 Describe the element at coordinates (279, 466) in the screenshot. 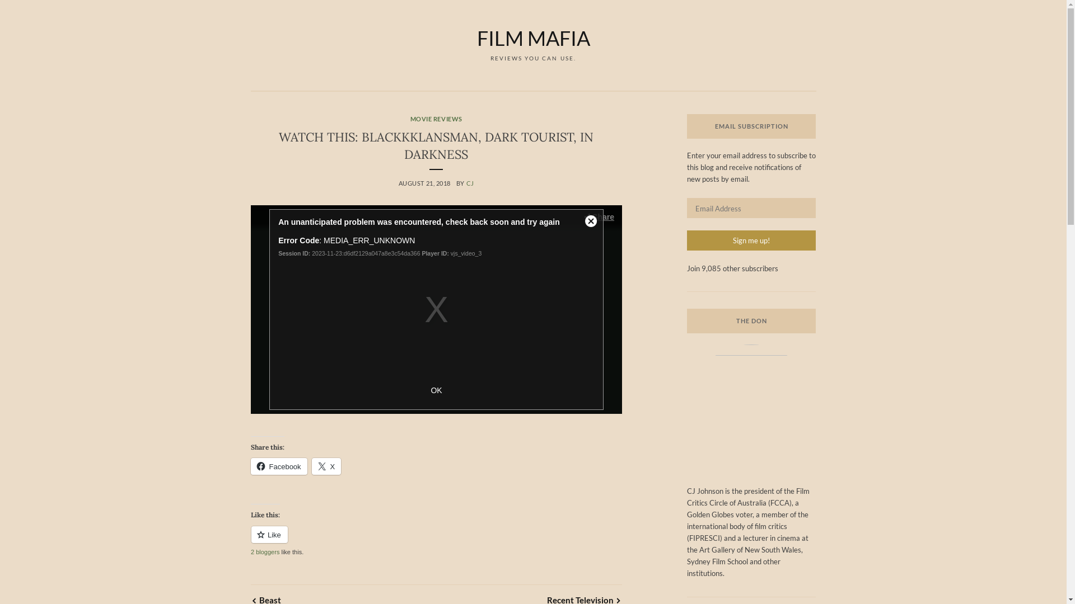

I see `'Facebook'` at that location.